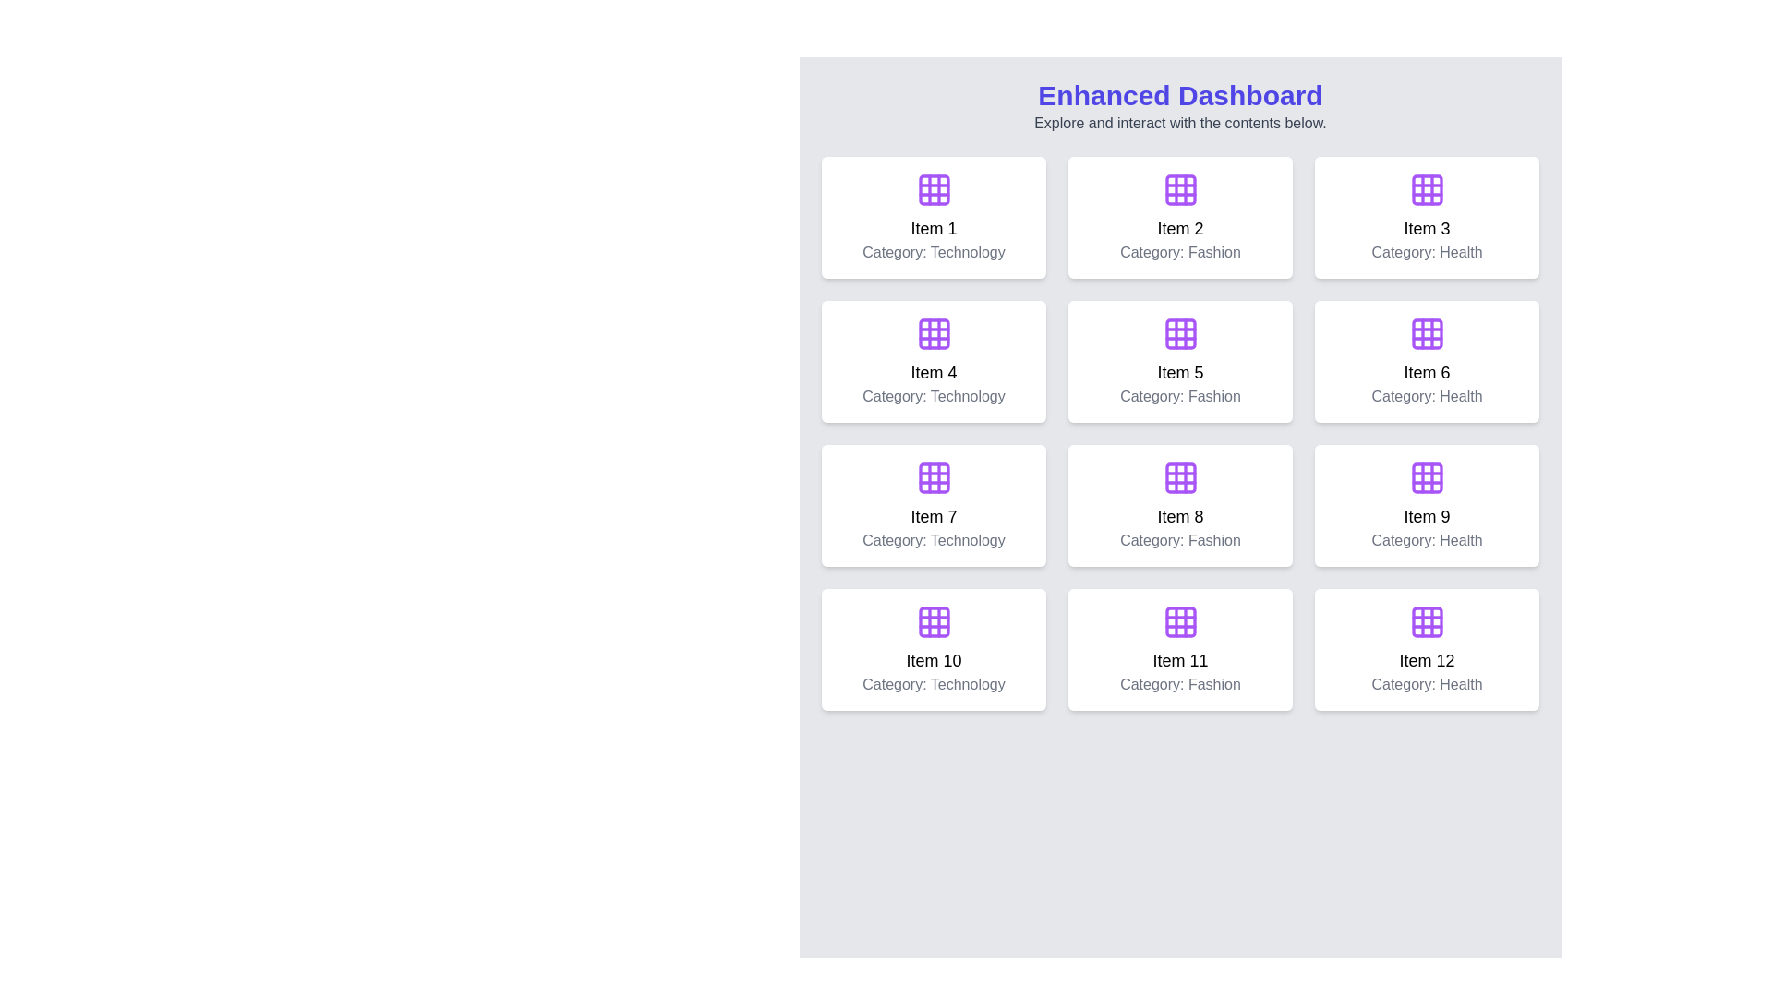 This screenshot has height=997, width=1773. What do you see at coordinates (1426, 622) in the screenshot?
I see `visually the decorative purple rounded rectangle shape located in the center of the ninth grid square of the 'Item 12' card on the dashboard` at bounding box center [1426, 622].